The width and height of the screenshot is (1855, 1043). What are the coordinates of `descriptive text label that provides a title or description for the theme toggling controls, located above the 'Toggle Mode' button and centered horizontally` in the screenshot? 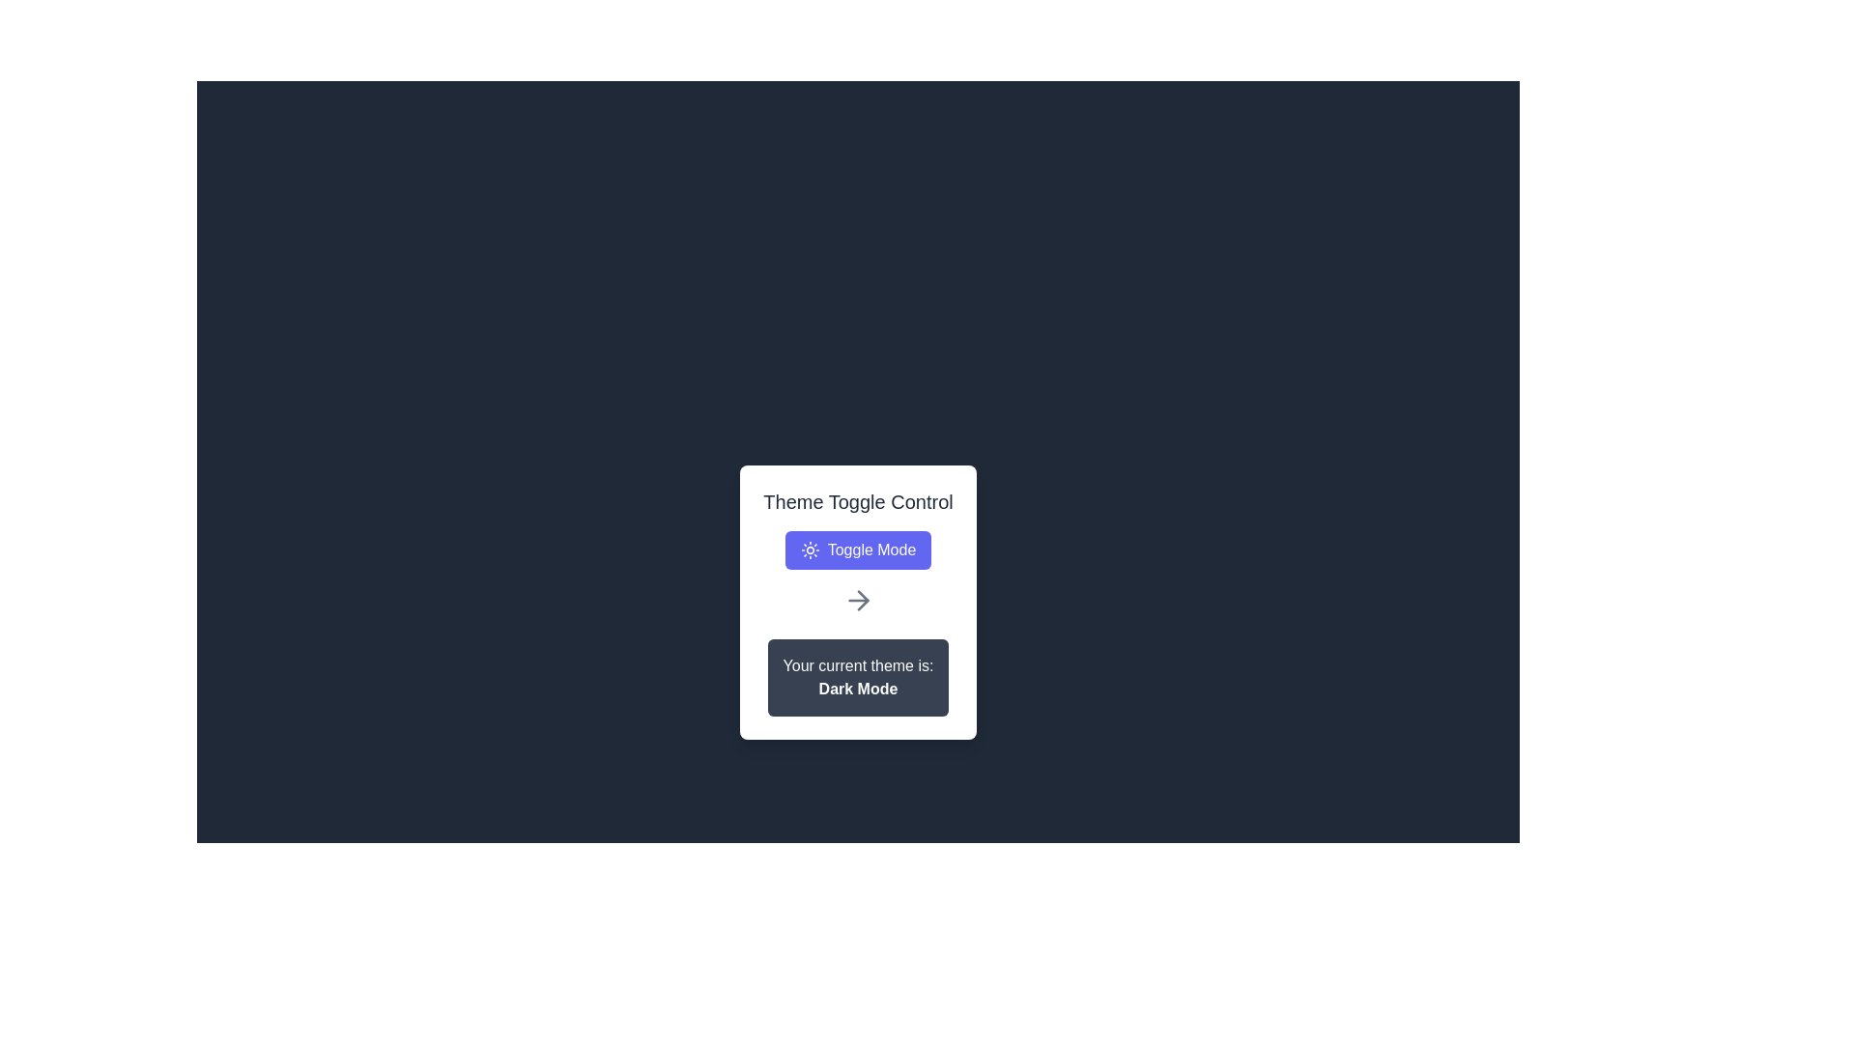 It's located at (857, 501).